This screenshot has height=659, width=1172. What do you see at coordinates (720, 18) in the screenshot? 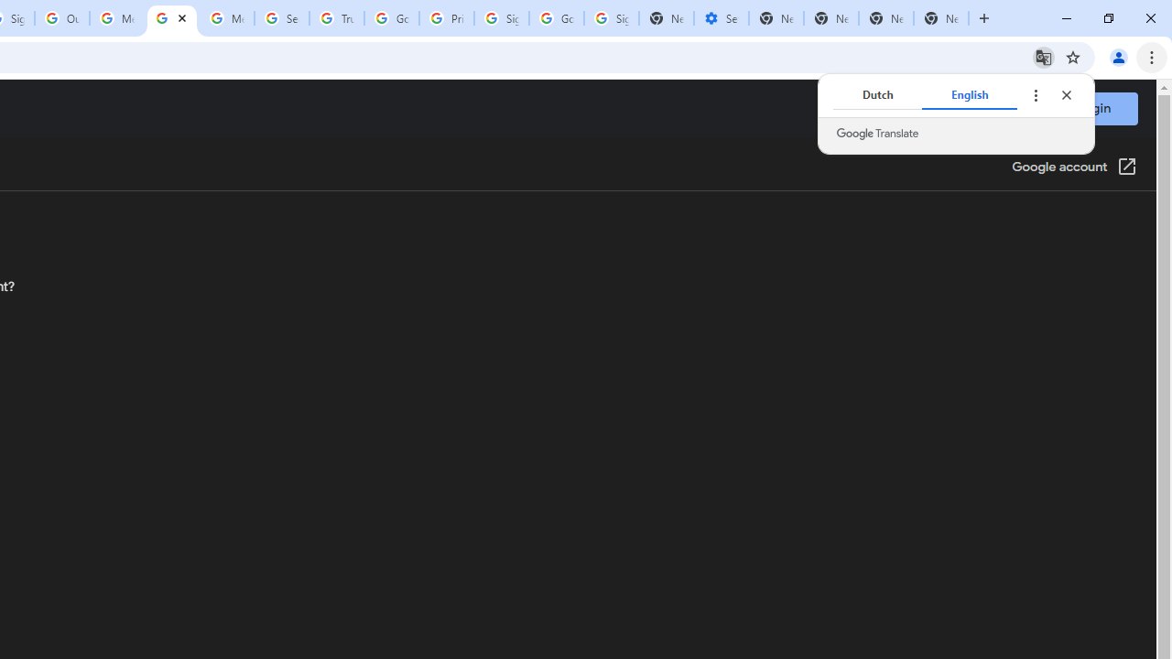
I see `'Settings - Performance'` at bounding box center [720, 18].